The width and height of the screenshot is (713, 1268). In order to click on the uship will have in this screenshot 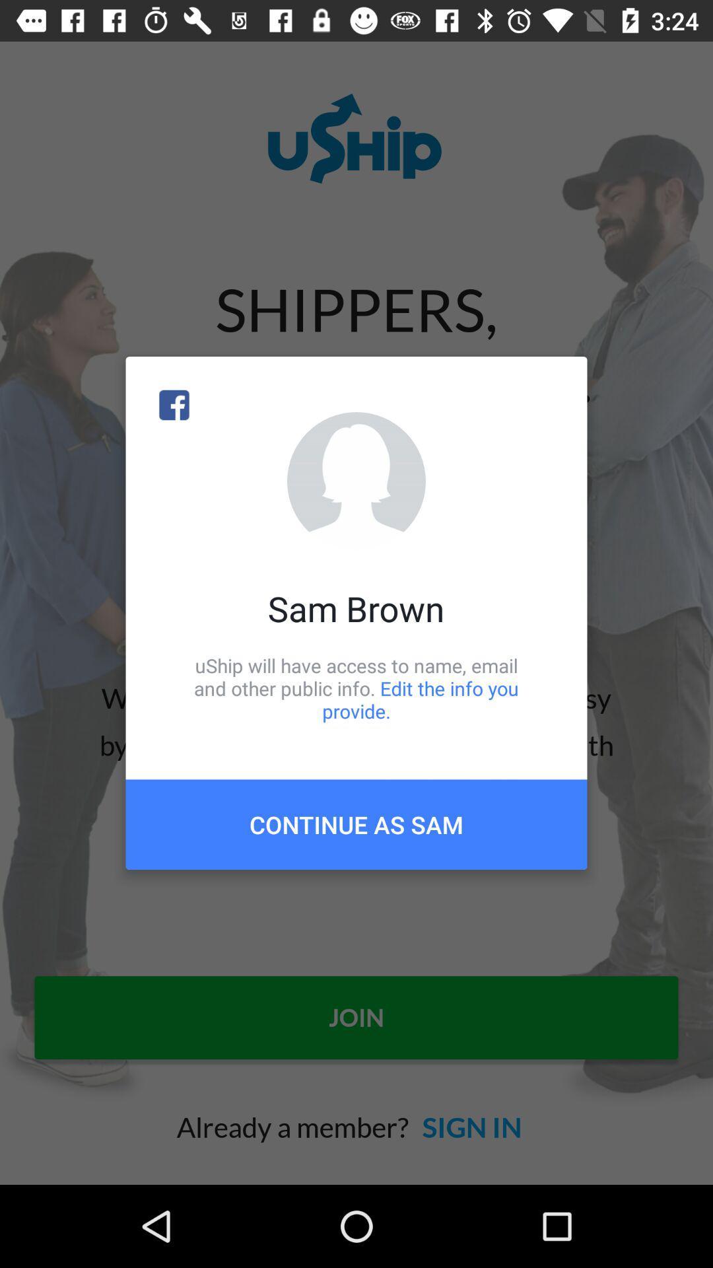, I will do `click(356, 687)`.